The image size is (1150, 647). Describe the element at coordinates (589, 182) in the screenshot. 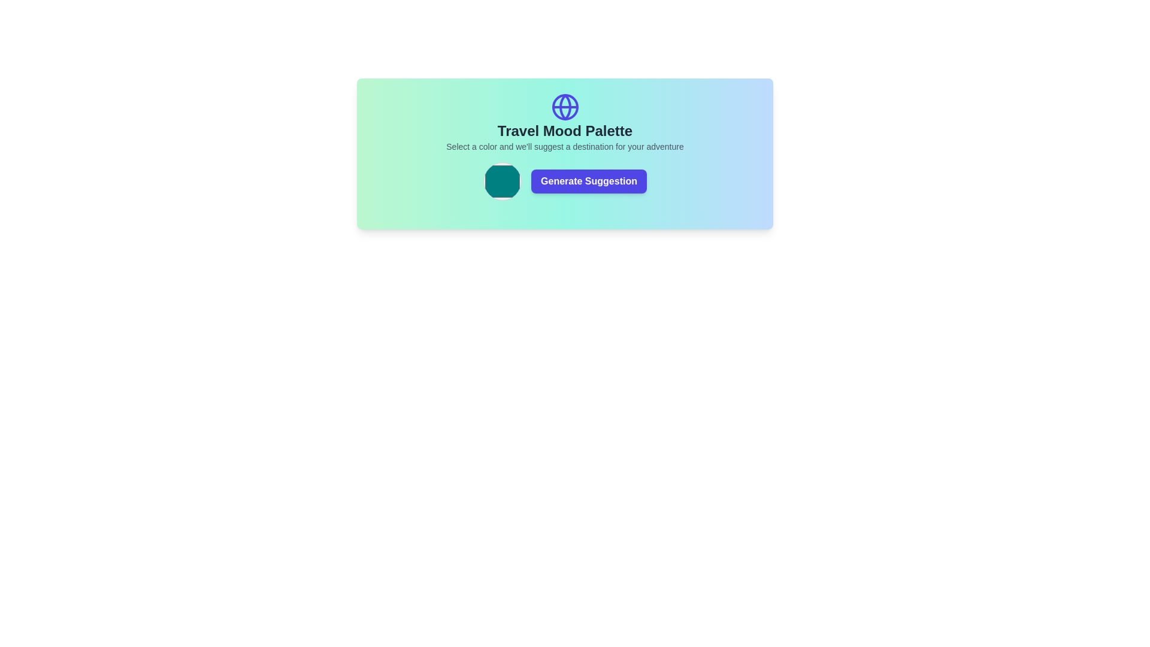

I see `the suggestion generation button, which is located on the right side of the color preview circle within a gradient-colored main block` at that location.